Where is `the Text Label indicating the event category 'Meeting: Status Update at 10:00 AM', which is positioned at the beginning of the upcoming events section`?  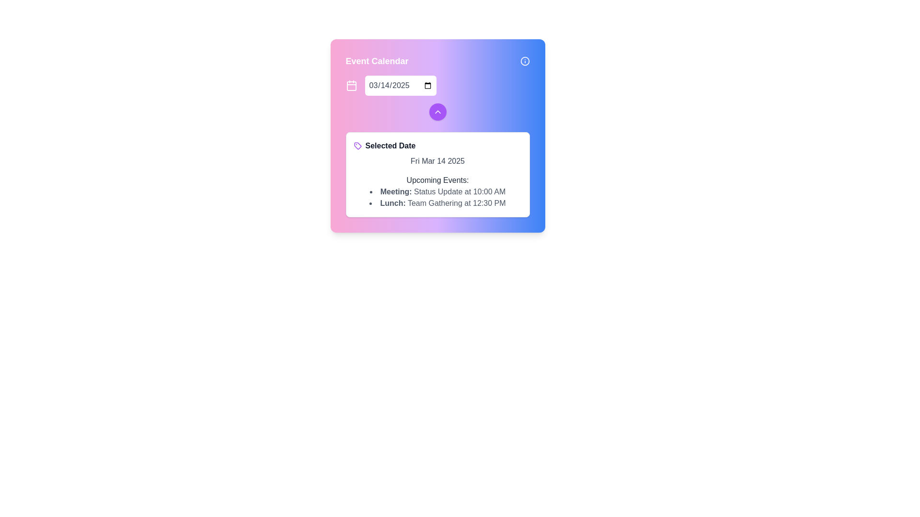 the Text Label indicating the event category 'Meeting: Status Update at 10:00 AM', which is positioned at the beginning of the upcoming events section is located at coordinates (396, 191).